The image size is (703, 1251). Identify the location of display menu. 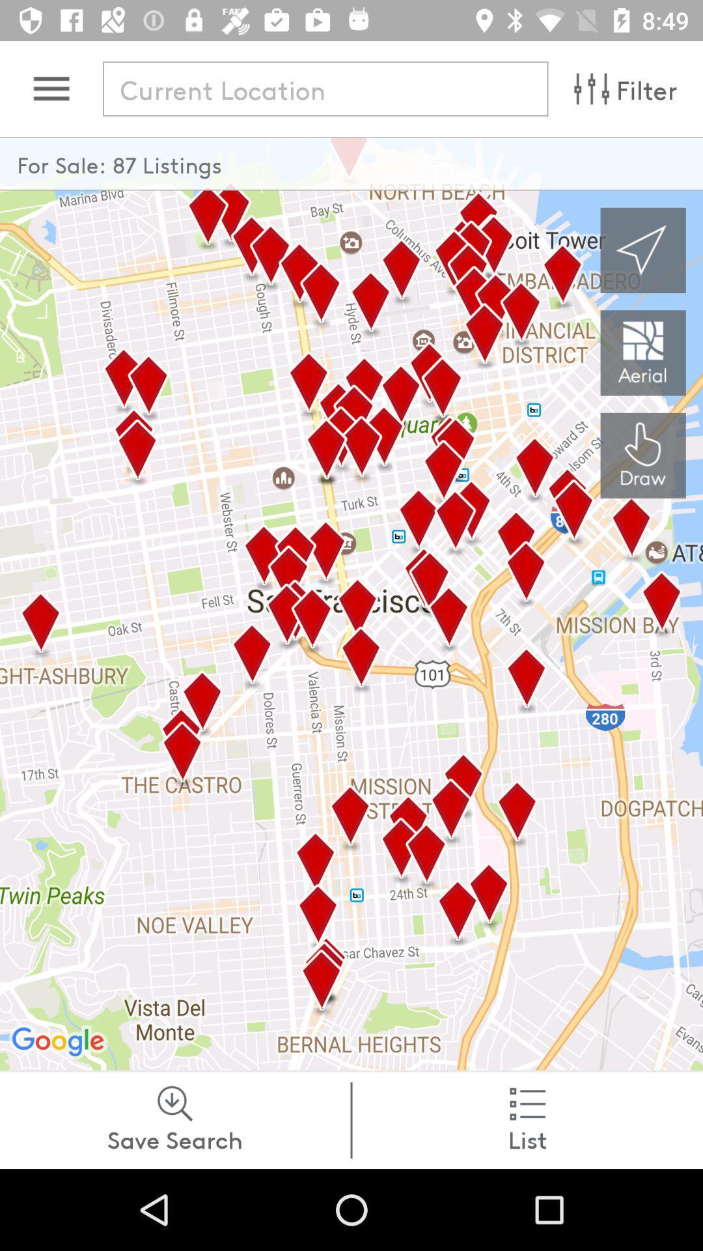
(51, 88).